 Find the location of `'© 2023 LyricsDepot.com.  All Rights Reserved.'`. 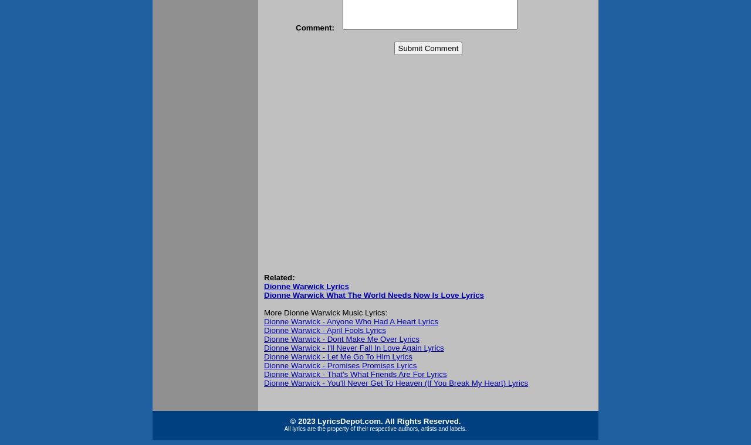

'© 2023 LyricsDepot.com.  All Rights Reserved.' is located at coordinates (374, 421).